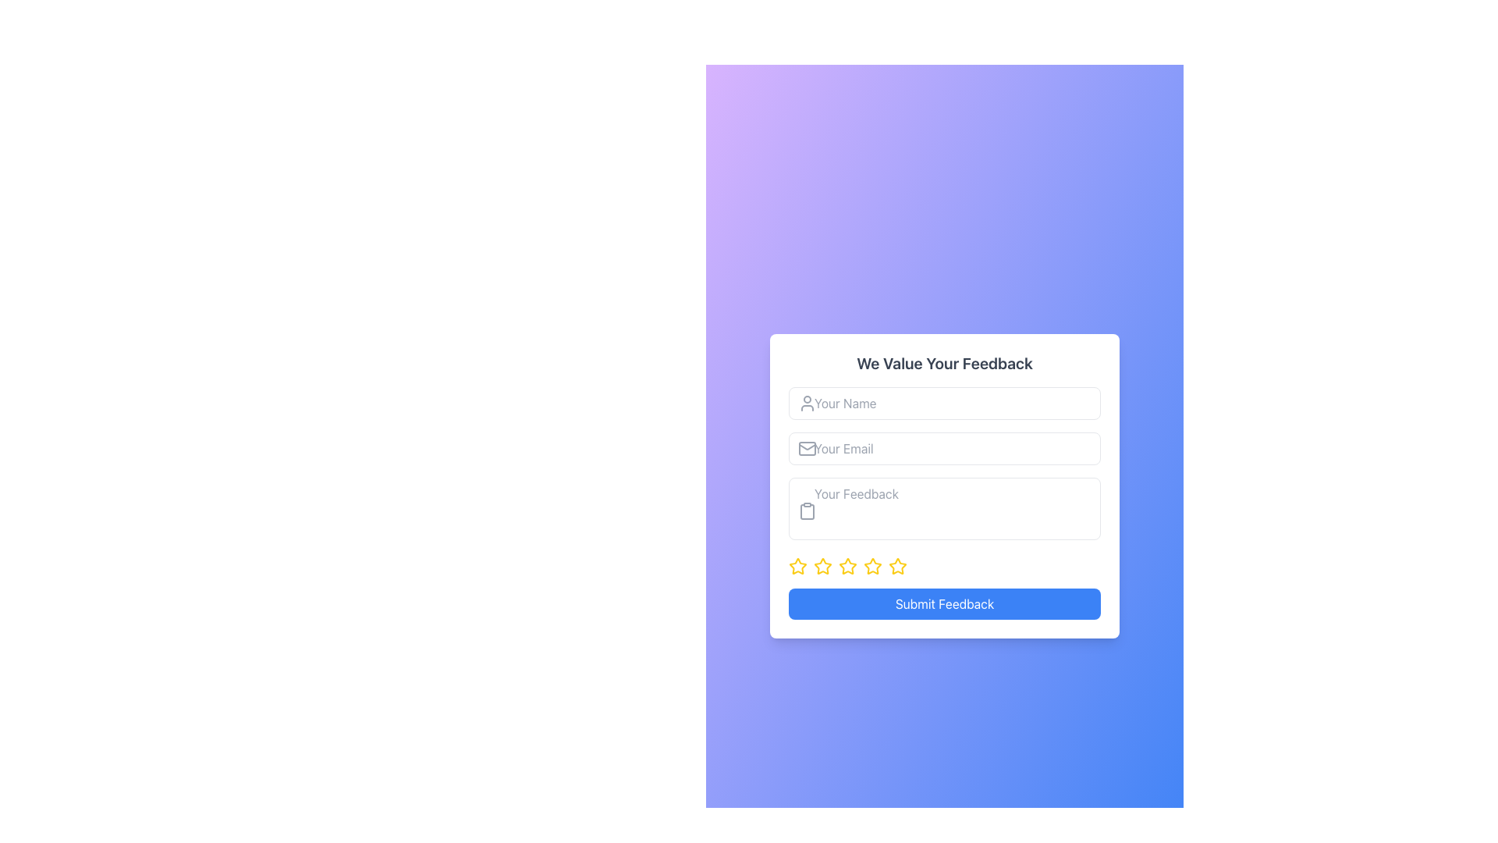  I want to click on the third star in the sequence of five rating stars, so click(847, 566).